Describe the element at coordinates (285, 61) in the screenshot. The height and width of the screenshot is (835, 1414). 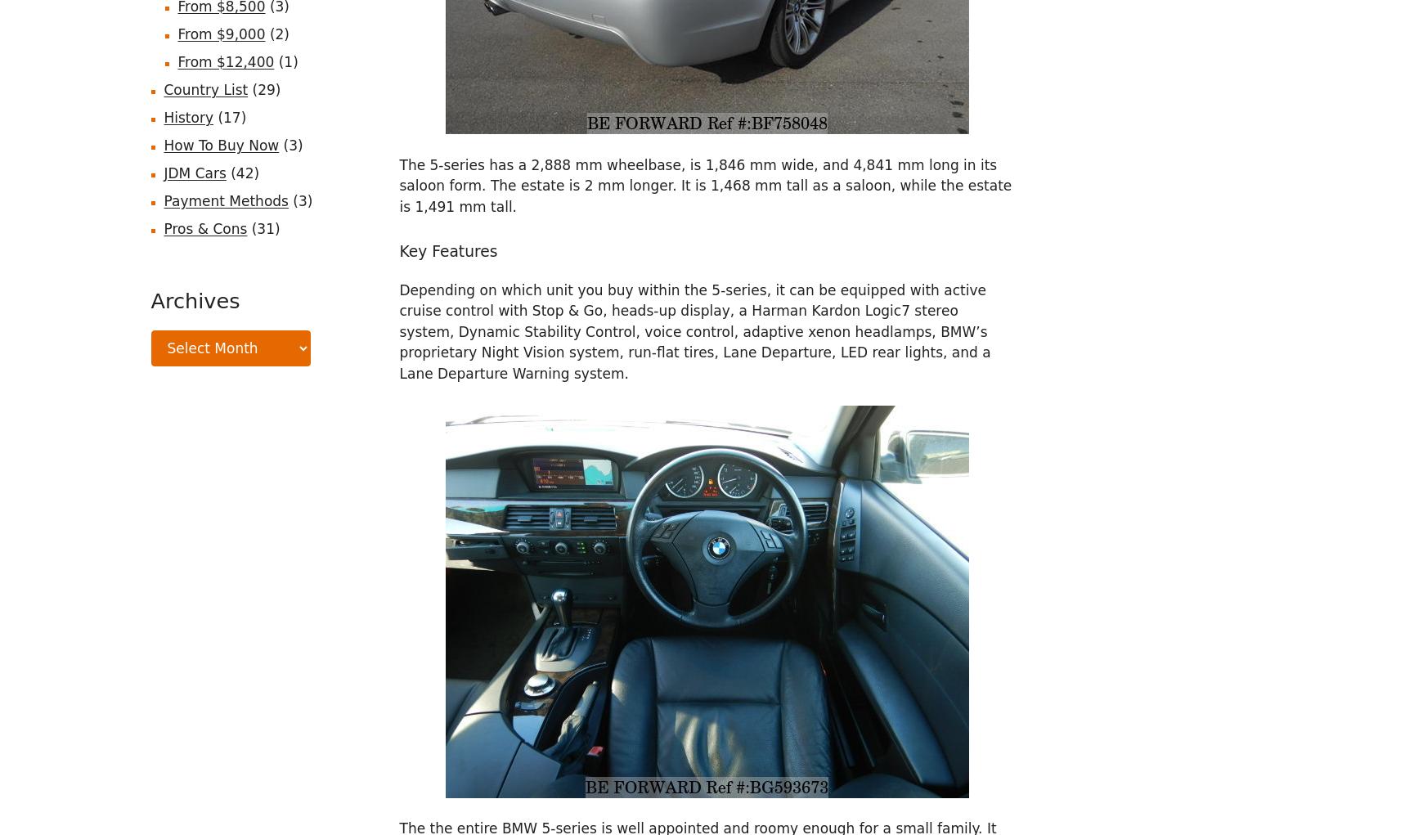
I see `'(1)'` at that location.